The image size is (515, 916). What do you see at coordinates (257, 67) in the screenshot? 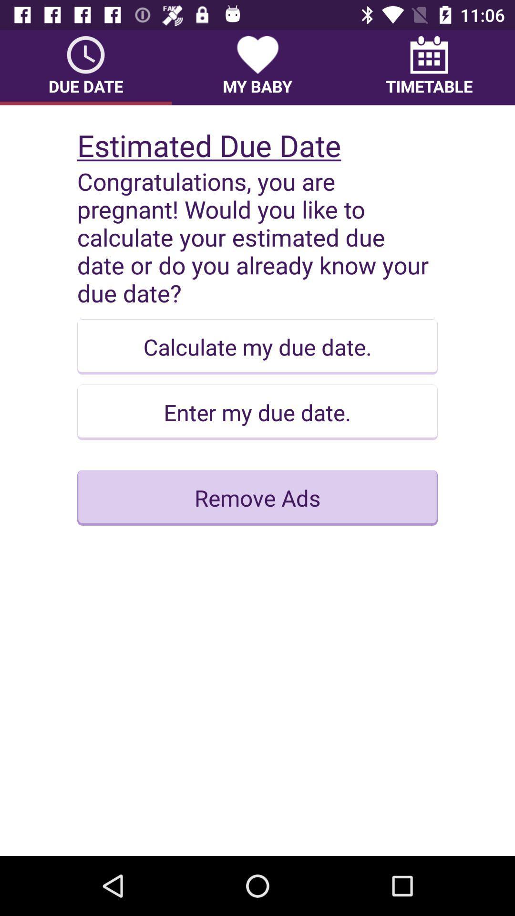
I see `the item next to timetable` at bounding box center [257, 67].